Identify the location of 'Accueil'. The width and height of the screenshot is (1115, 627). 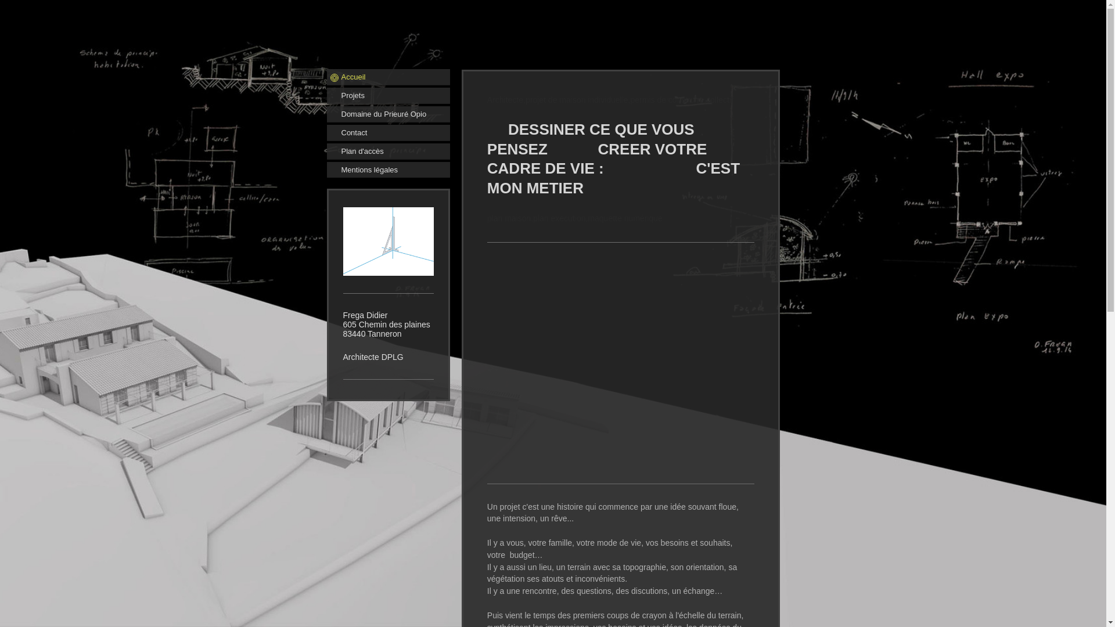
(325, 77).